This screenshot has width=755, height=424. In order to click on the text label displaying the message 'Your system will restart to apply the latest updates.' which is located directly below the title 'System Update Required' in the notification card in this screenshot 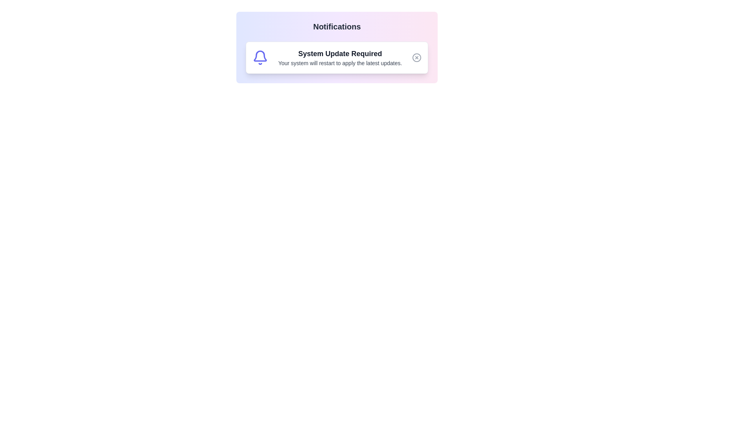, I will do `click(340, 63)`.